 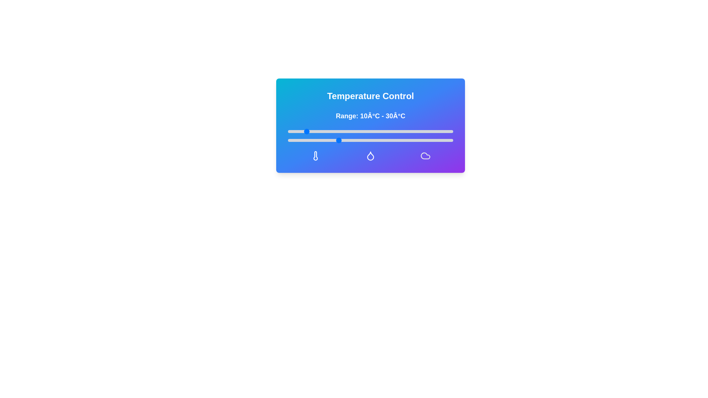 What do you see at coordinates (370, 116) in the screenshot?
I see `the text label displaying 'Range: 10°C - 30°C', which is prominently styled in white and located above the sliders in the Temperature Control section` at bounding box center [370, 116].